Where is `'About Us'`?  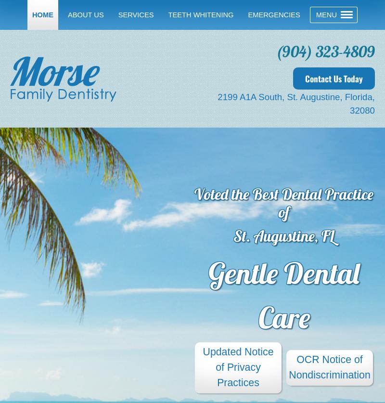
'About Us' is located at coordinates (67, 14).